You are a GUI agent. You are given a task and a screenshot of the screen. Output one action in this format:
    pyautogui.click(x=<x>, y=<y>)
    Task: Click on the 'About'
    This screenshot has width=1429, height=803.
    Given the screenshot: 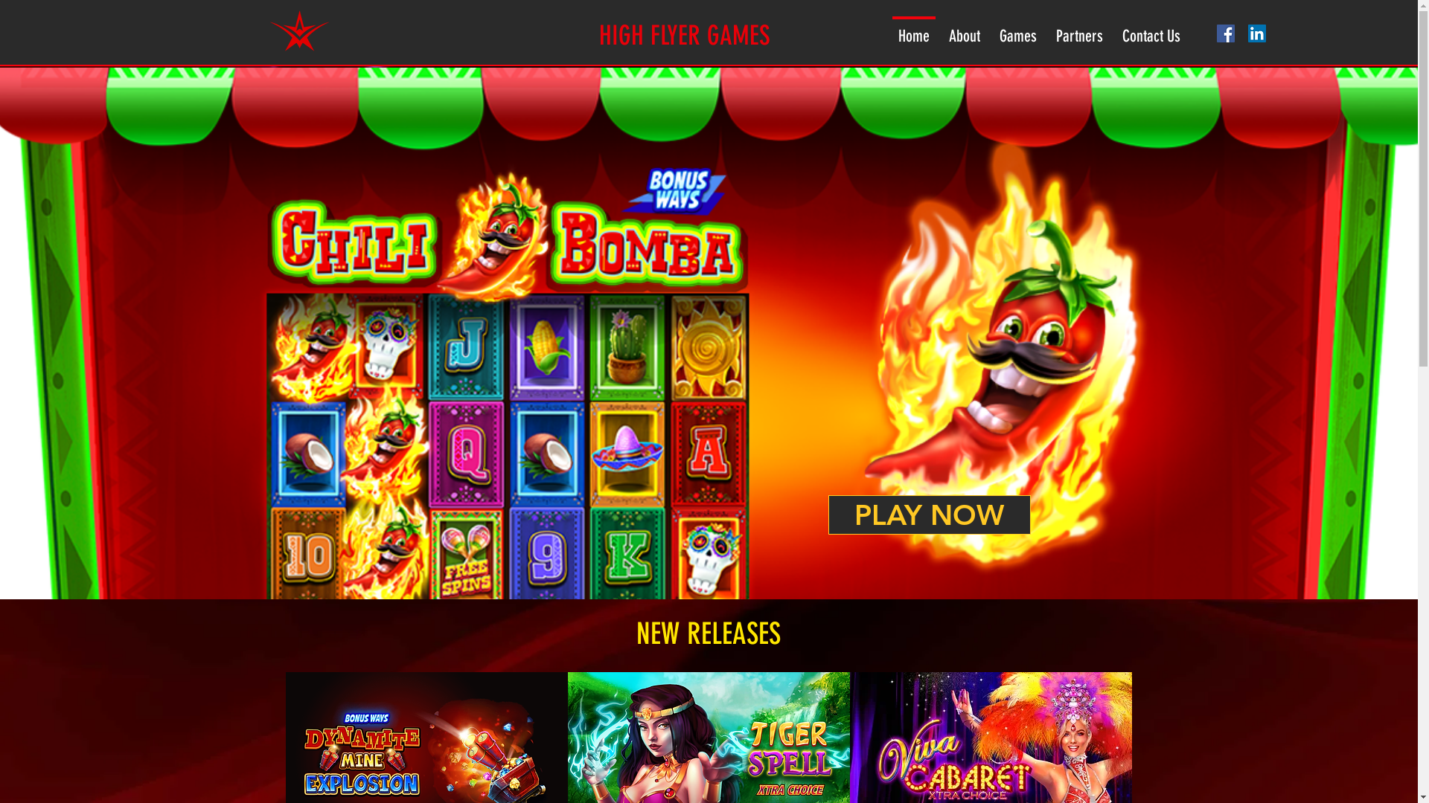 What is the action you would take?
    pyautogui.click(x=965, y=29)
    